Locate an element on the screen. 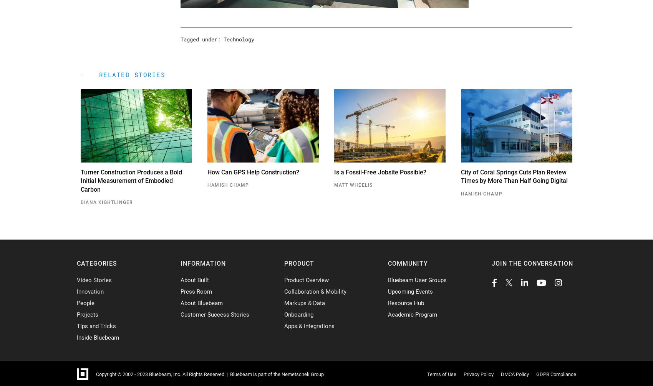  'Onboarding' is located at coordinates (298, 314).